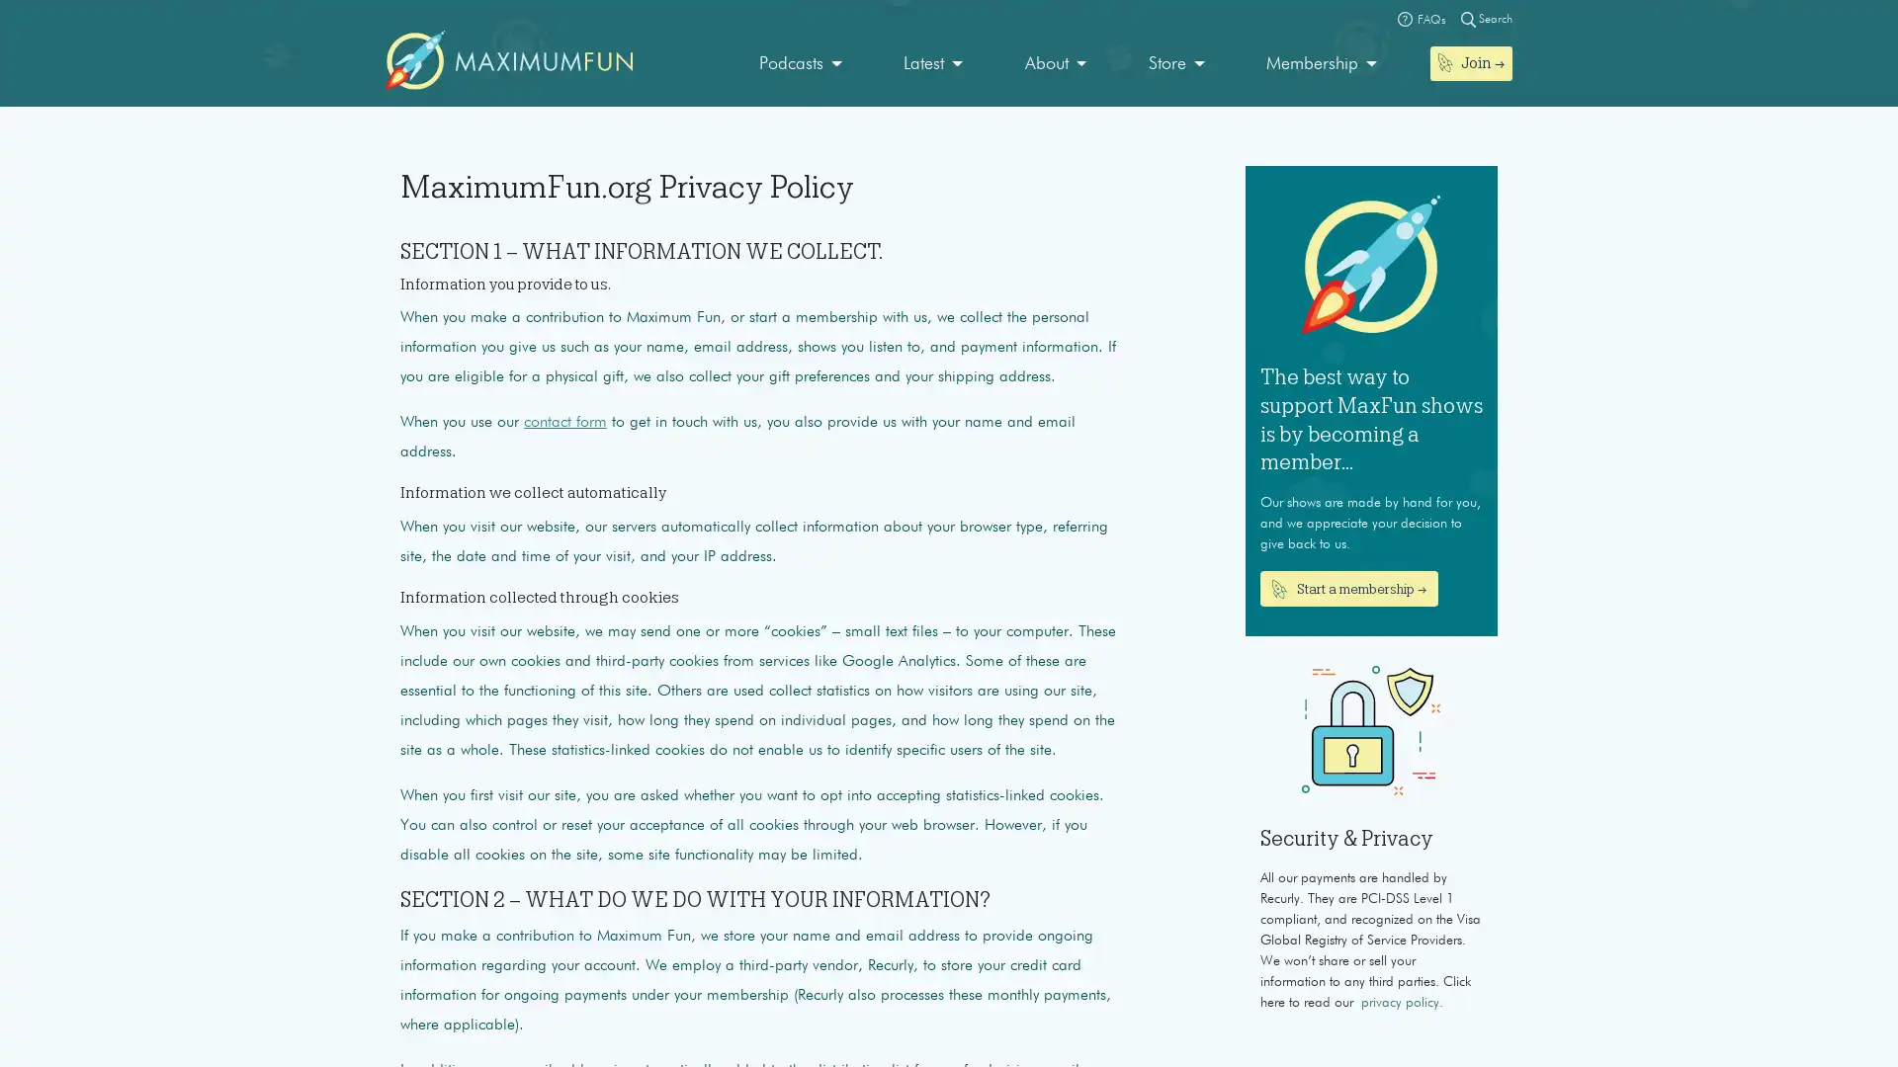  I want to click on Magnifying glass Search, so click(1486, 19).